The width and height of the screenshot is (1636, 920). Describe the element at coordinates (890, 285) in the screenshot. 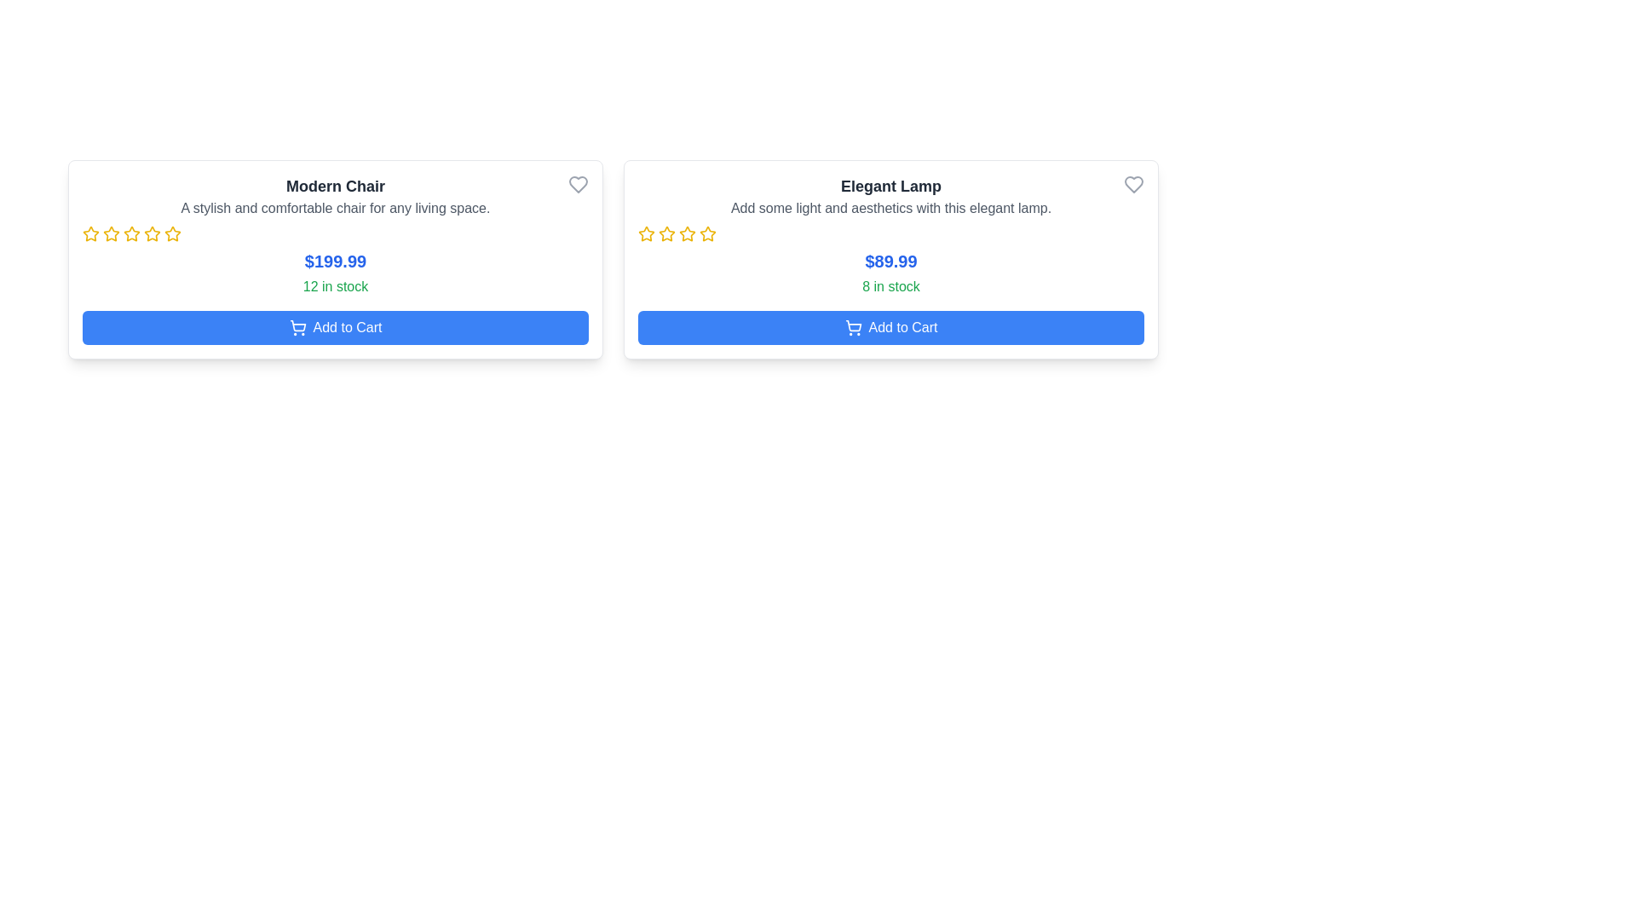

I see `the Text Label that indicates the current stock availability of the 'Elegant Lamp', which is positioned below the price information and above the 'Add to Cart' button` at that location.